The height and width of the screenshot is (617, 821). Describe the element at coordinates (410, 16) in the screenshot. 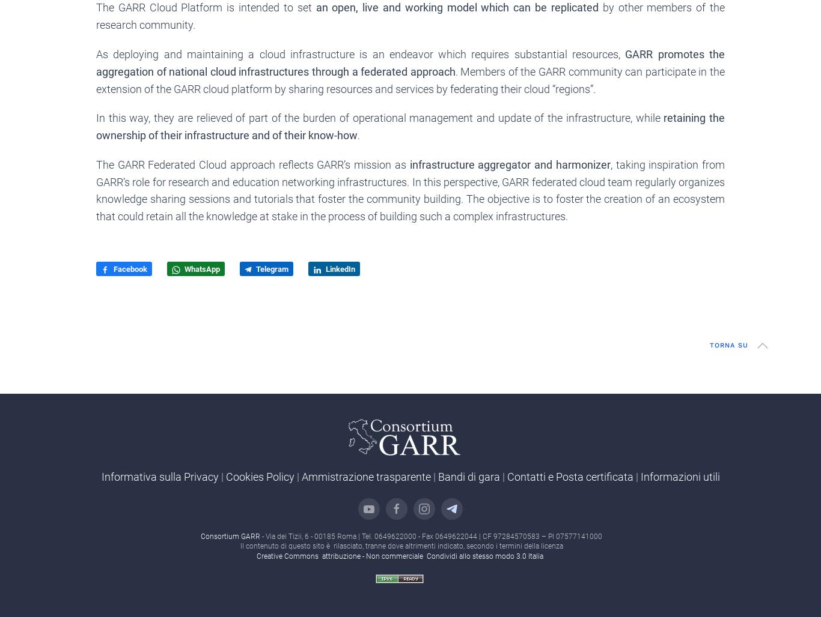

I see `'by other members of the research community.'` at that location.